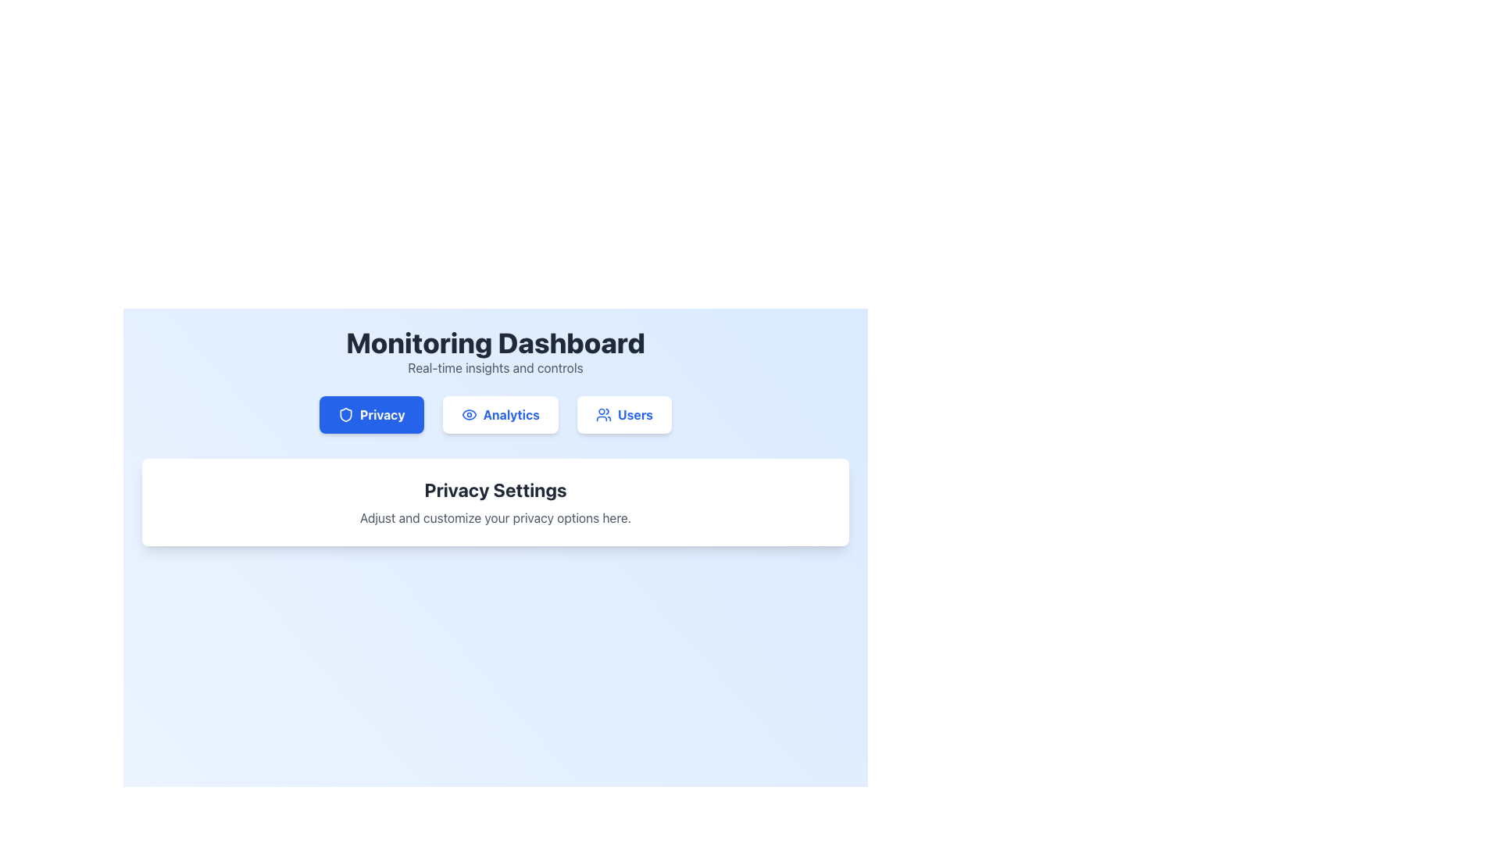  Describe the element at coordinates (500, 414) in the screenshot. I see `the 'Analytics' button, which is a white rectangular button with blue text and an eye icon, located in the center of three buttons beneath the primary heading` at that location.